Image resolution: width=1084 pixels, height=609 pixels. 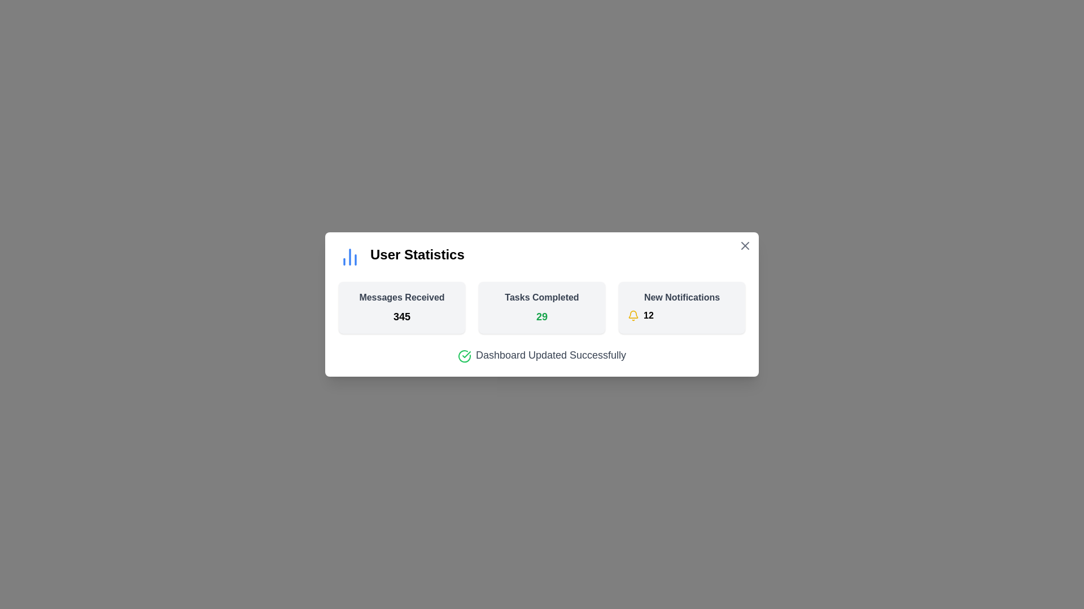 I want to click on the vertical bar chart icon, which is styled with three blue bars of varying heights, located to the left of the 'User Statistics' title, so click(x=349, y=257).